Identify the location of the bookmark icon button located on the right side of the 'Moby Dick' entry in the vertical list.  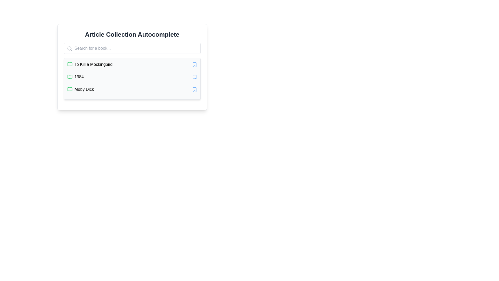
(194, 89).